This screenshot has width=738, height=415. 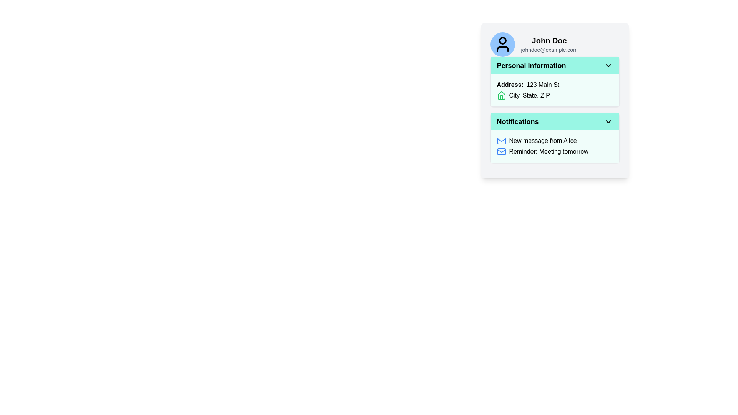 I want to click on the Information display section that shows the address within the 'Personal Information' card, located below the card title and above the 'Notifications' section, so click(x=555, y=90).